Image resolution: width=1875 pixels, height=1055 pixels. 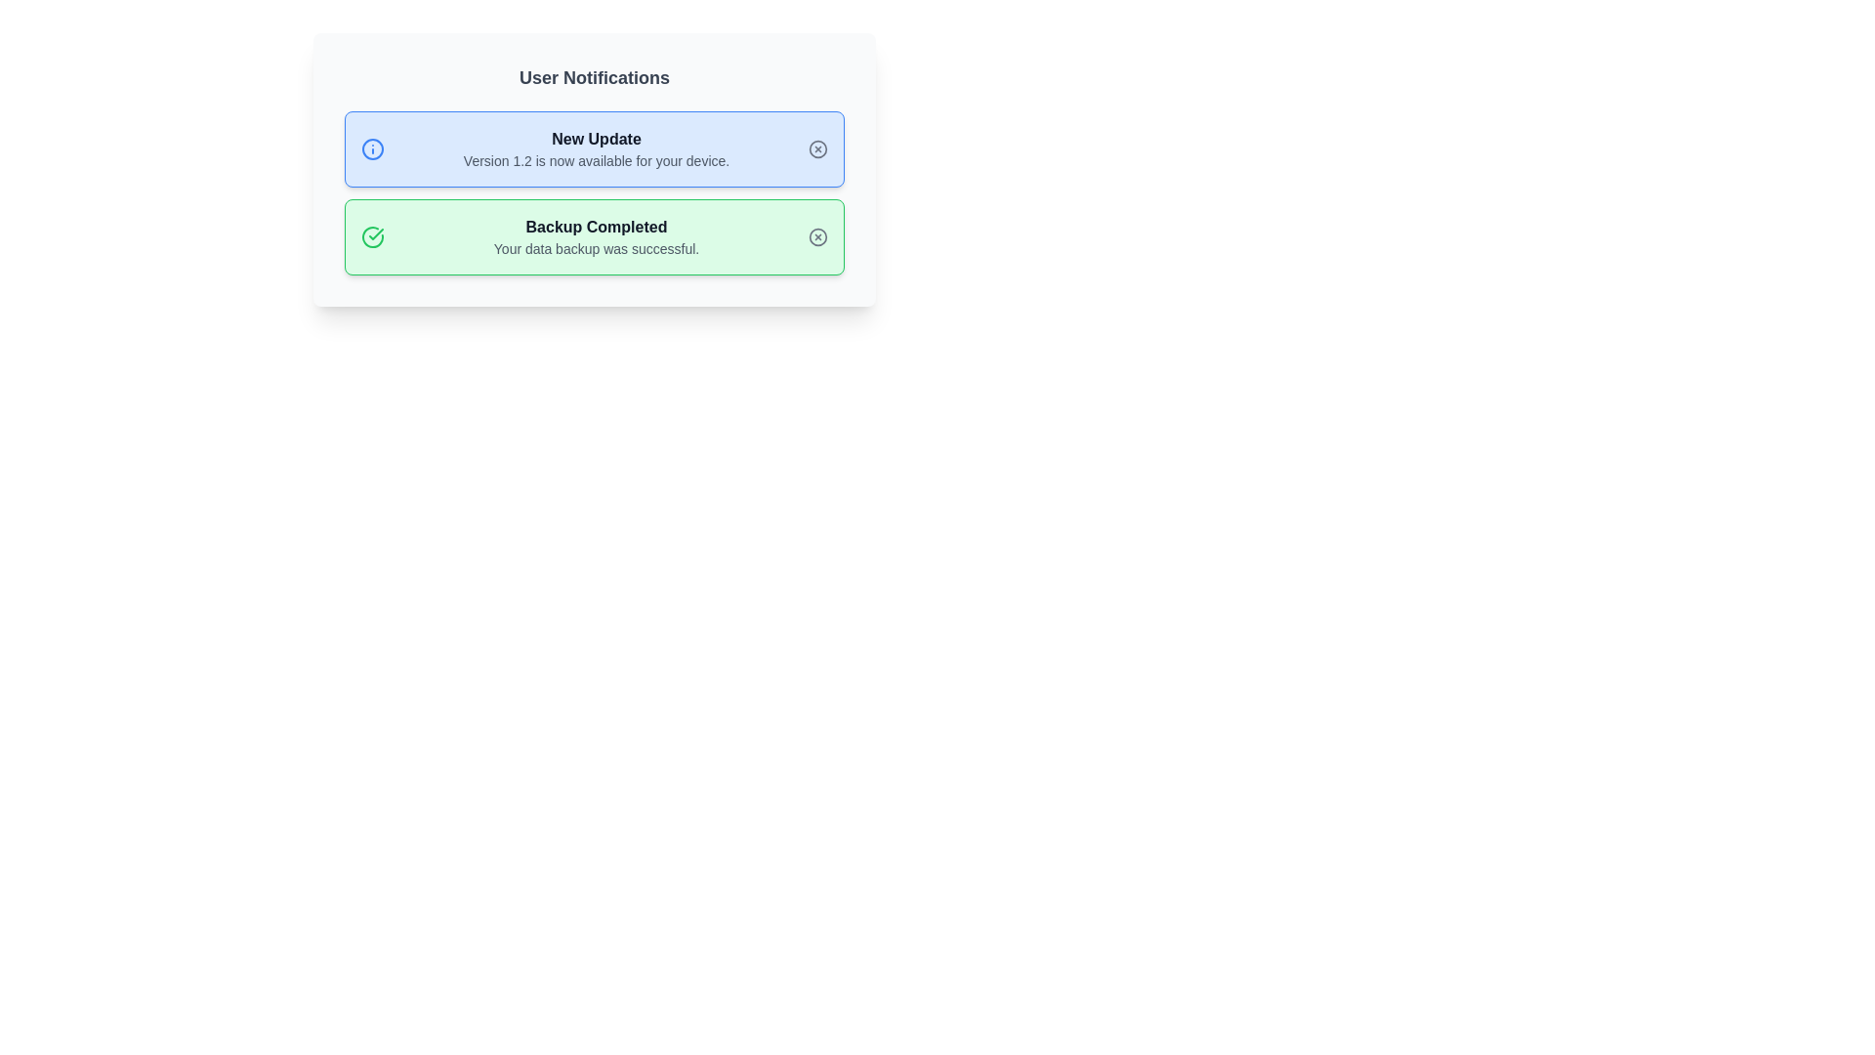 I want to click on the text block containing the title 'New Update' and the description 'Version 1.2 is now available for your device.' which is located in a light blue notification card, so click(x=595, y=148).